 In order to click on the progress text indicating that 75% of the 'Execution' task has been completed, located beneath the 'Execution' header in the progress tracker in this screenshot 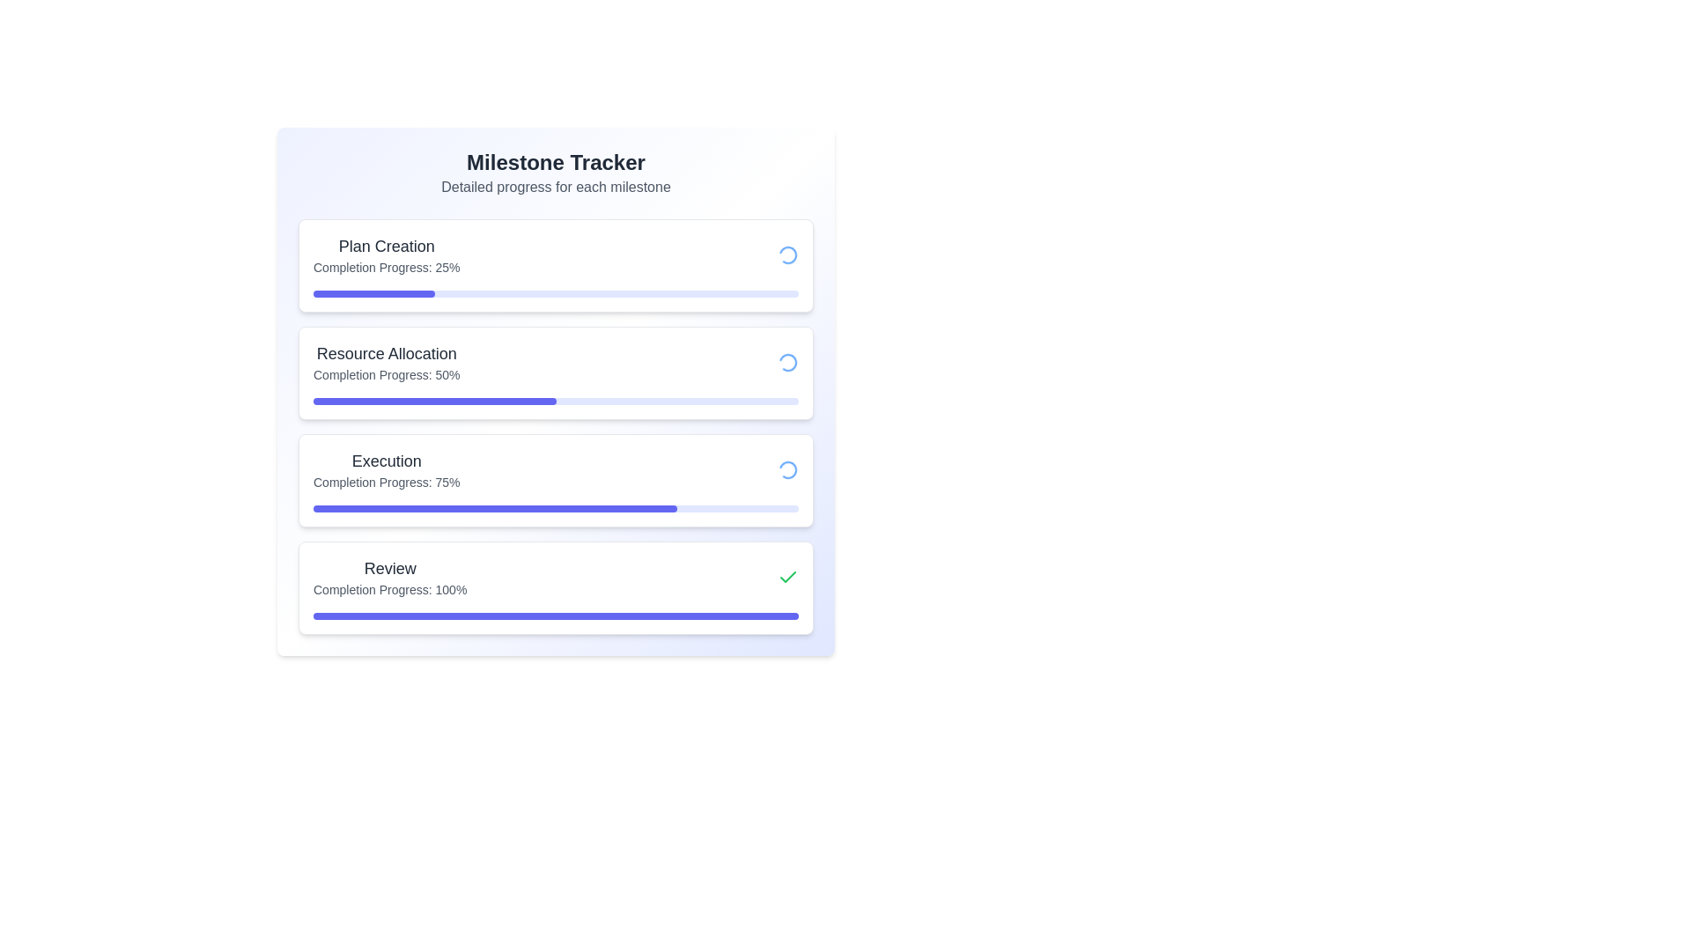, I will do `click(386, 482)`.